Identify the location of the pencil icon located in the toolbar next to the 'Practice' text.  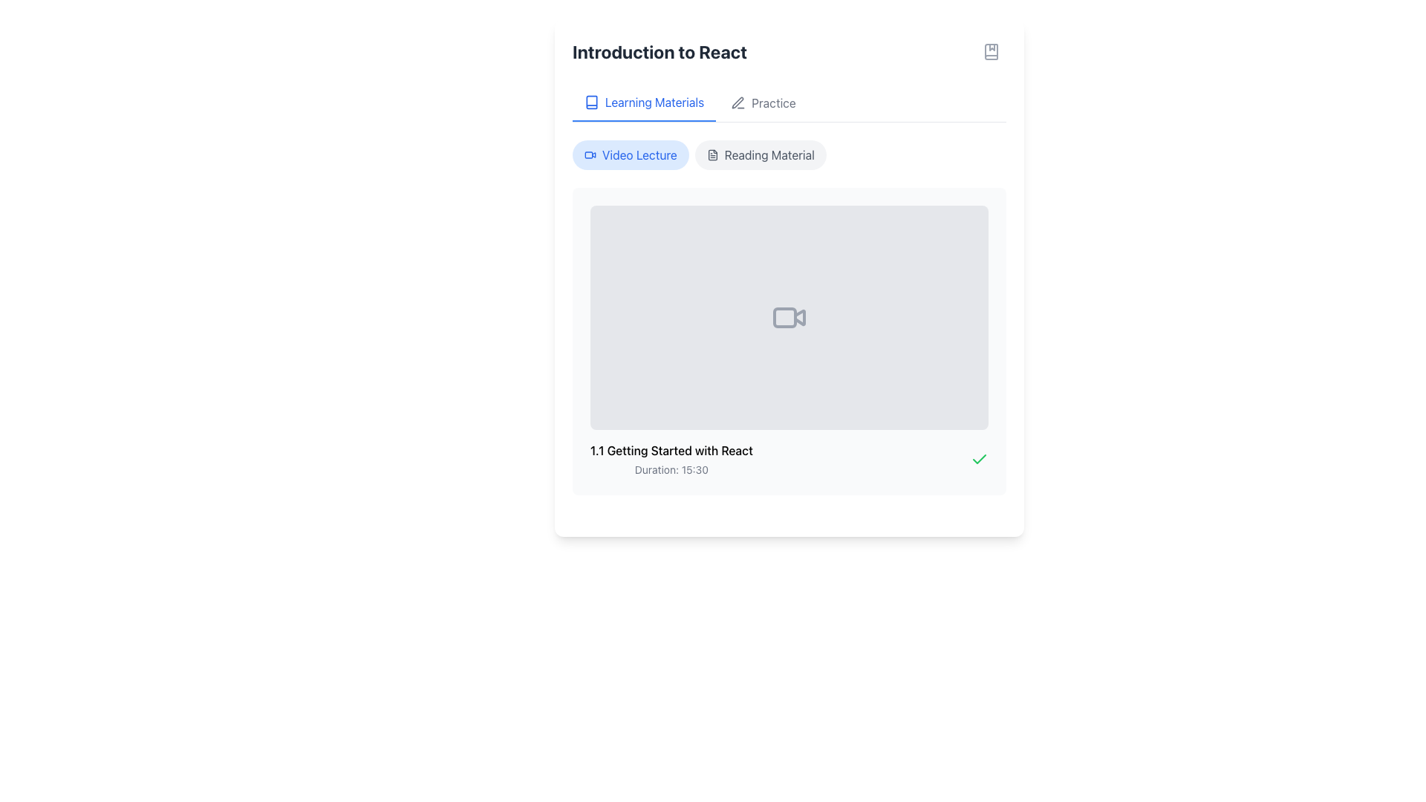
(738, 102).